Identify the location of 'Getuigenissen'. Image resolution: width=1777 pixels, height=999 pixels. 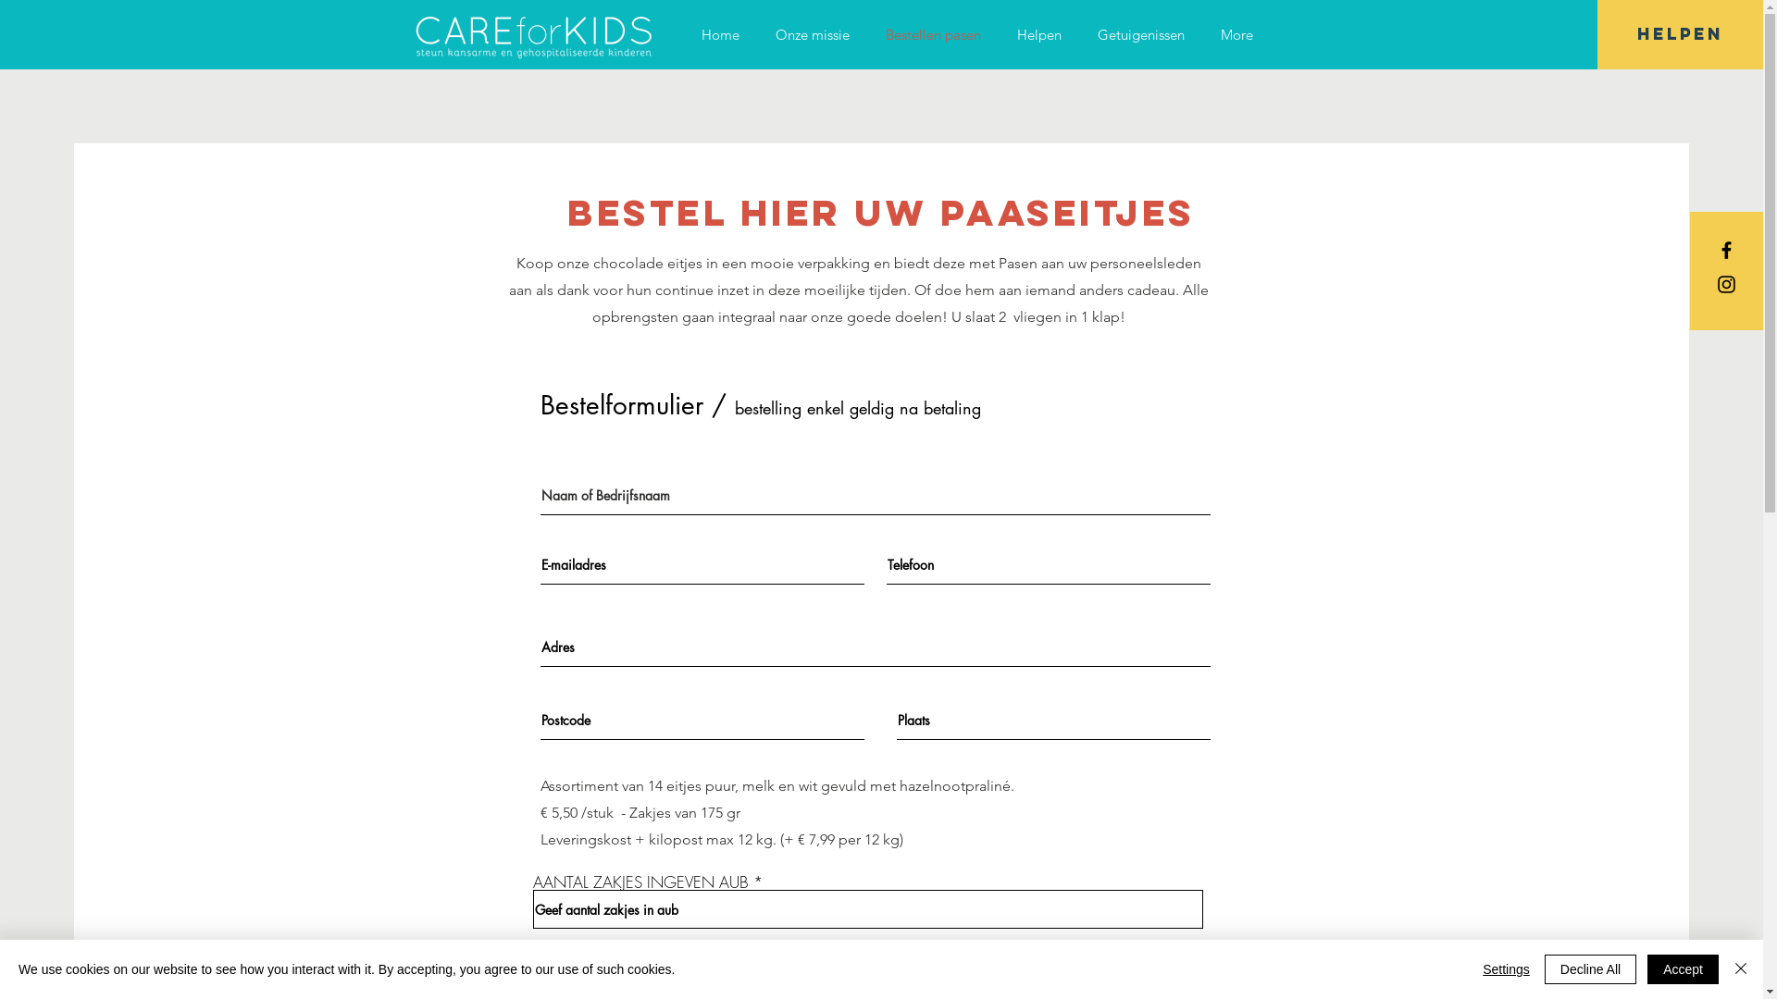
(1139, 34).